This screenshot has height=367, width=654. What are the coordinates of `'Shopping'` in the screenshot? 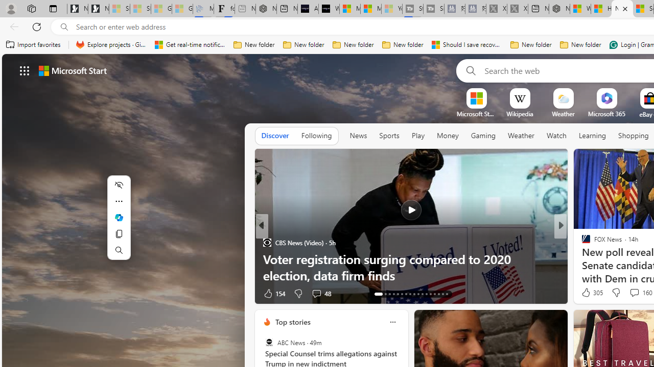 It's located at (633, 135).